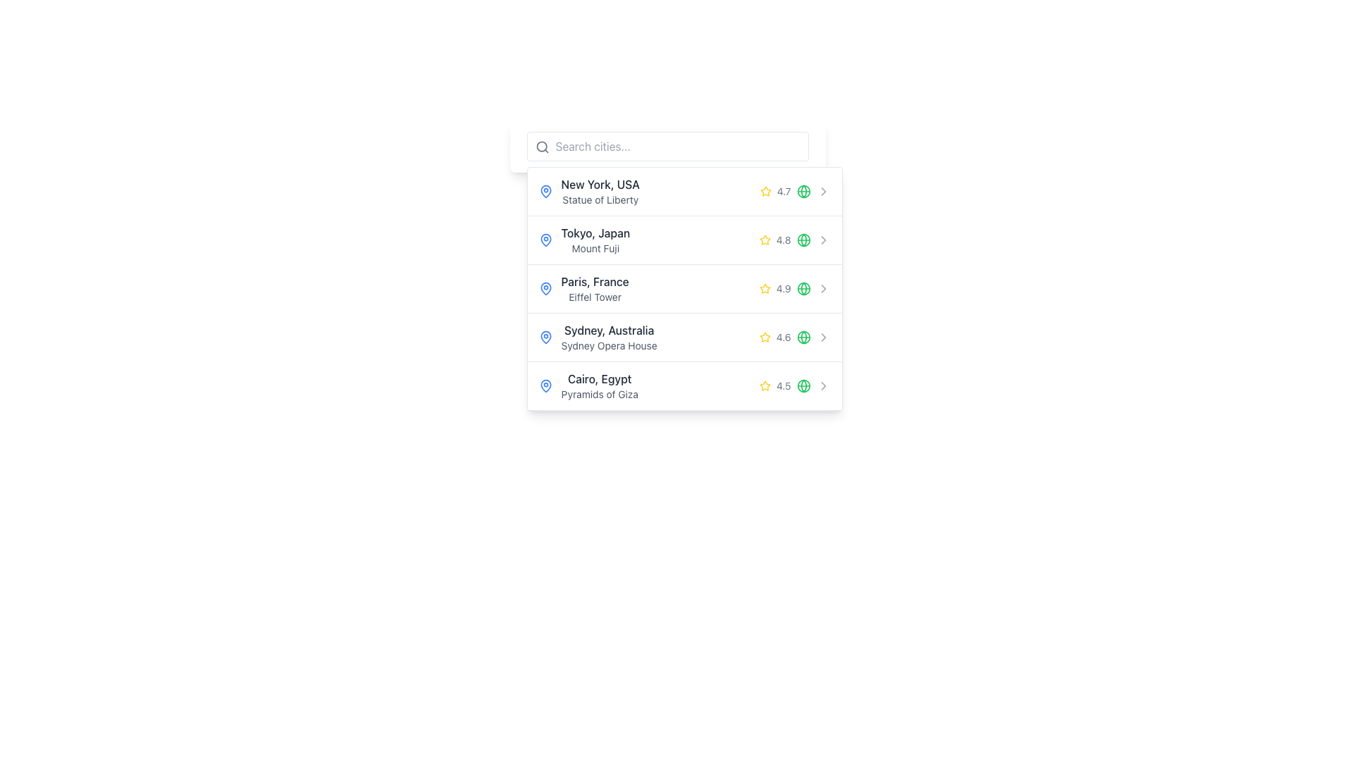 Image resolution: width=1353 pixels, height=761 pixels. What do you see at coordinates (784, 385) in the screenshot?
I see `the globe icon in the Rating display for 'Cairo, Egypt - Pyramids of Giza'` at bounding box center [784, 385].